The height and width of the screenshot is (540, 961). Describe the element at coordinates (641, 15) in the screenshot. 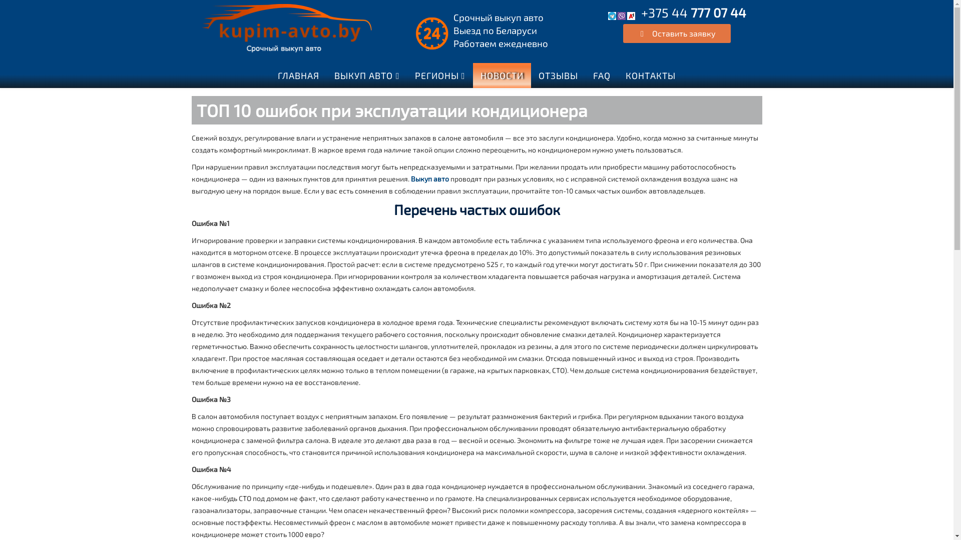

I see `'+375 44 777 07 44'` at that location.